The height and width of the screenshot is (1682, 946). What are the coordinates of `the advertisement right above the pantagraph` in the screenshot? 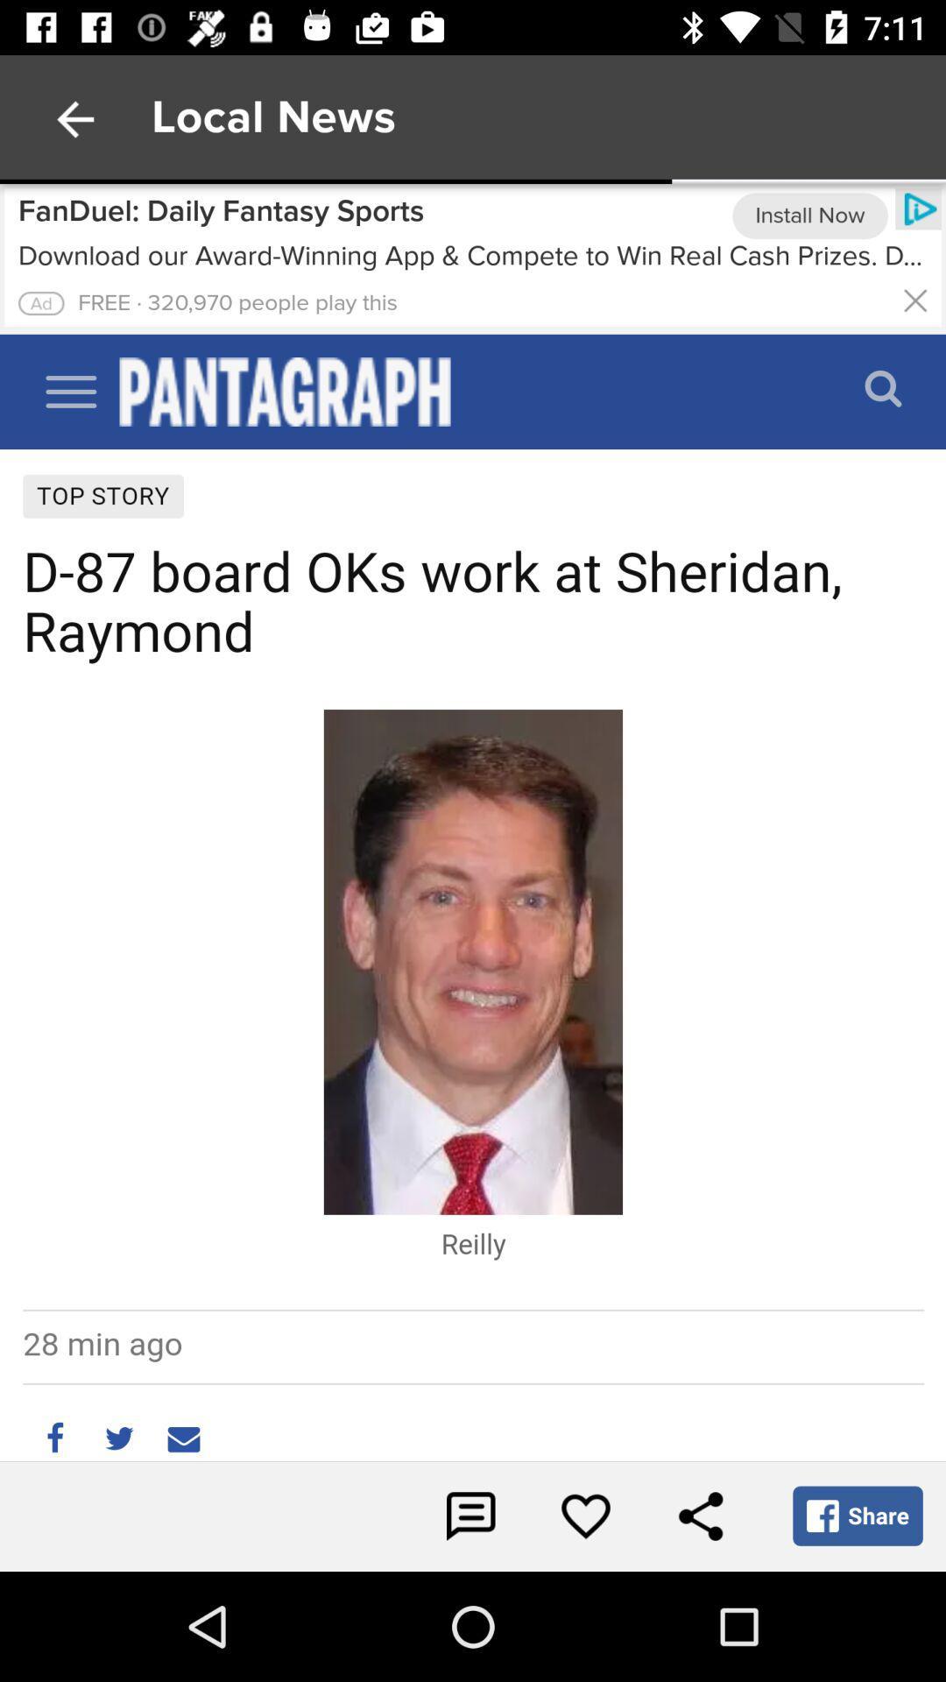 It's located at (462, 256).